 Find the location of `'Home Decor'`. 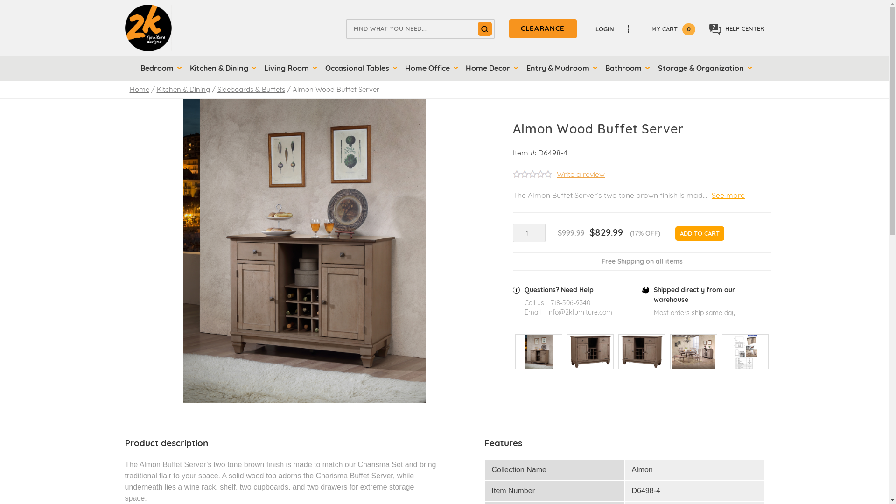

'Home Decor' is located at coordinates (490, 68).